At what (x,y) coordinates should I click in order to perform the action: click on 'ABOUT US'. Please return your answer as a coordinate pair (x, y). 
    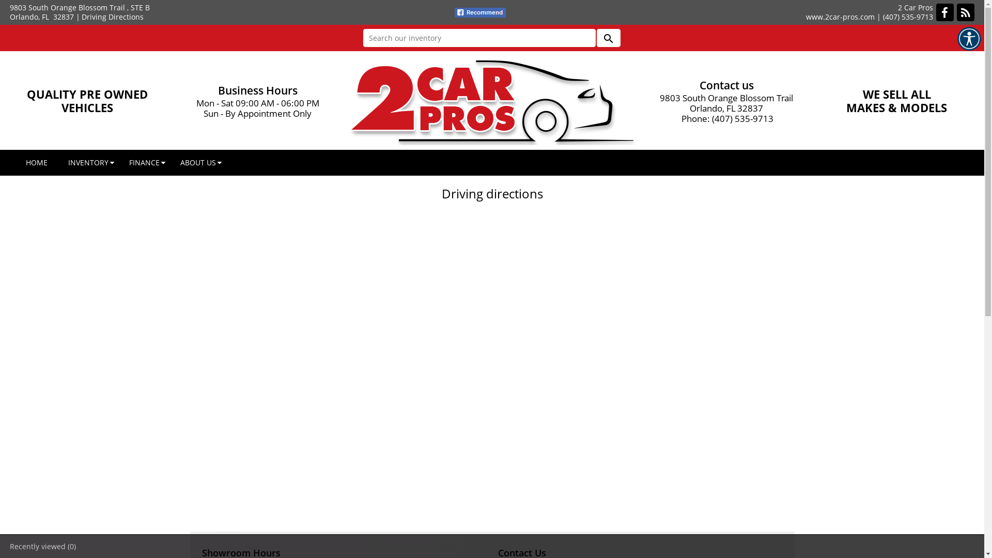
    Looking at the image, I should click on (198, 163).